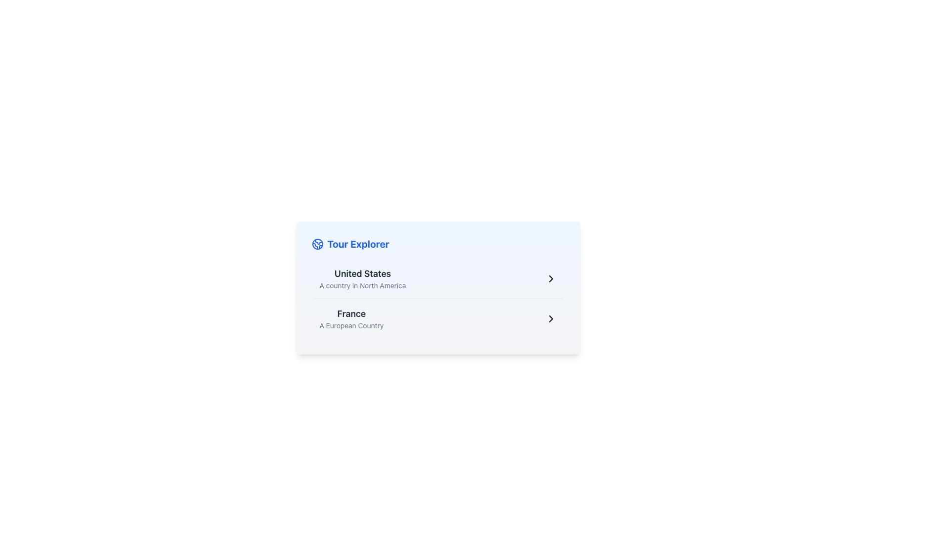  I want to click on the text label 'United States' in bold, dark gray, located in the middle of the 'Tour Explorer' card layout, so click(362, 274).